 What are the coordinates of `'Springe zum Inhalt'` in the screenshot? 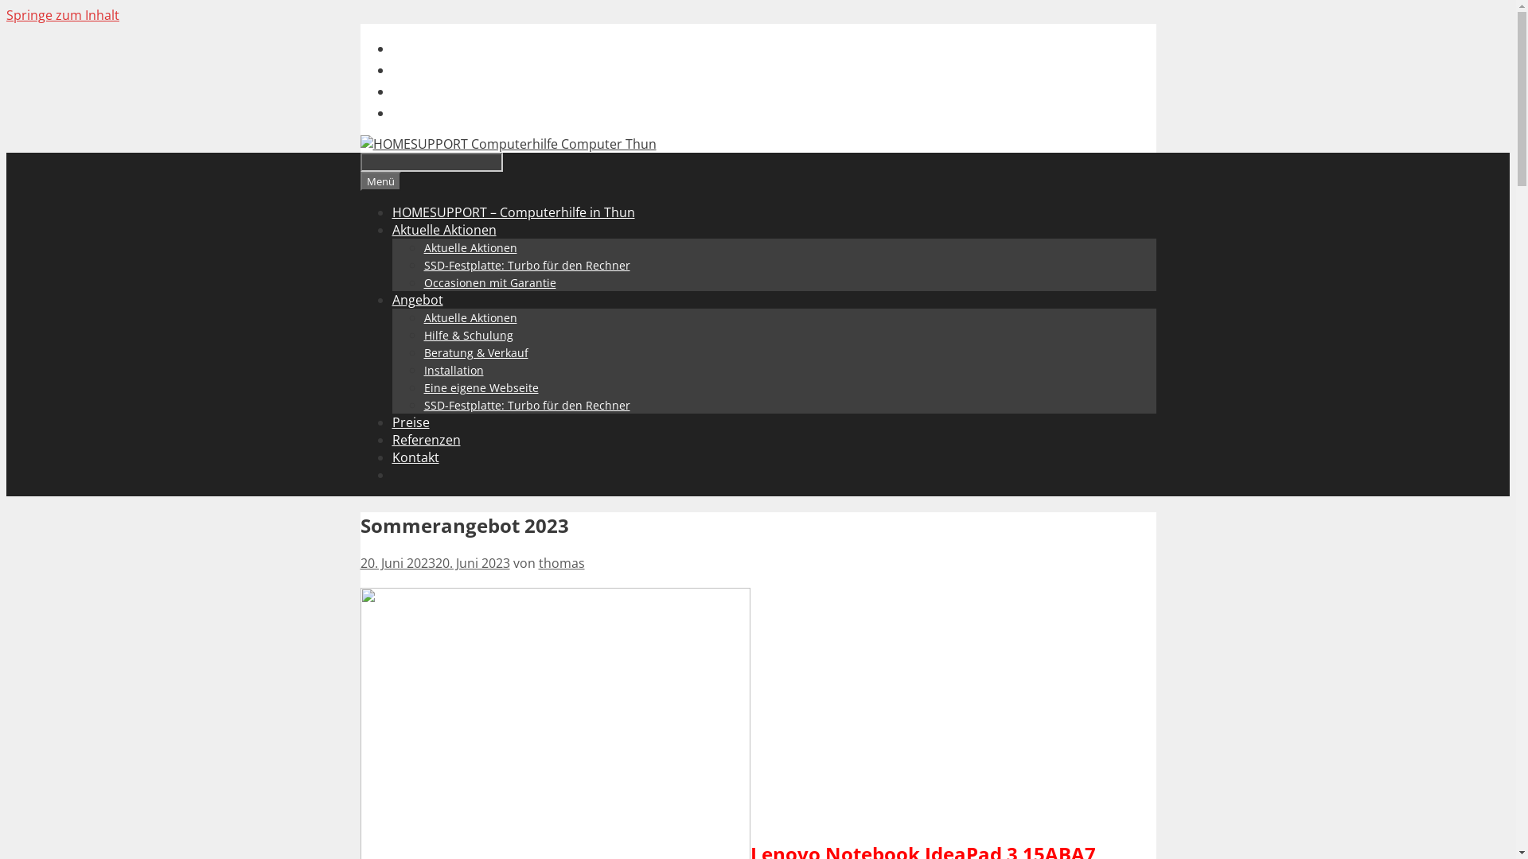 It's located at (62, 15).